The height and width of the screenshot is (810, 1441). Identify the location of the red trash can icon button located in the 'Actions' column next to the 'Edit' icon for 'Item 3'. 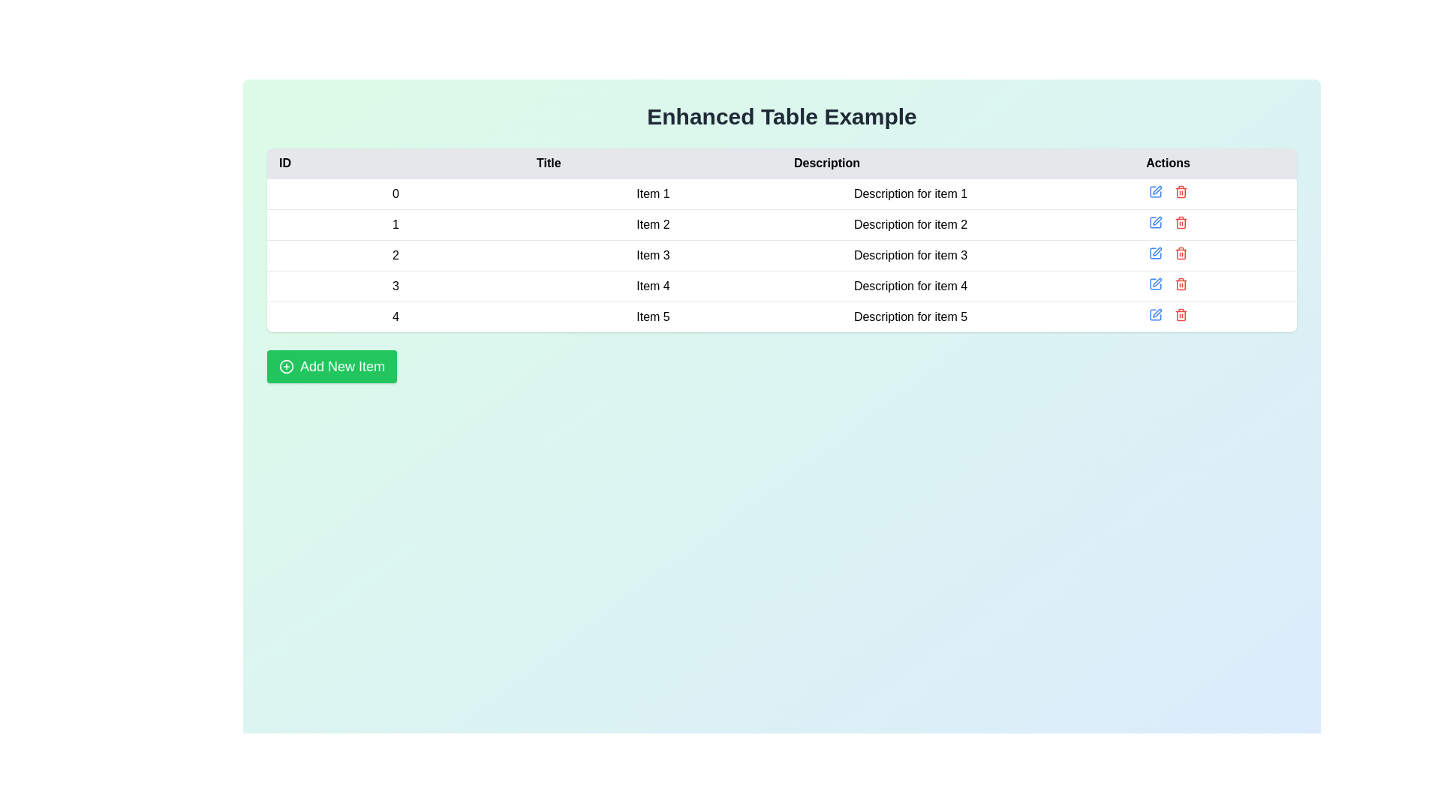
(1180, 253).